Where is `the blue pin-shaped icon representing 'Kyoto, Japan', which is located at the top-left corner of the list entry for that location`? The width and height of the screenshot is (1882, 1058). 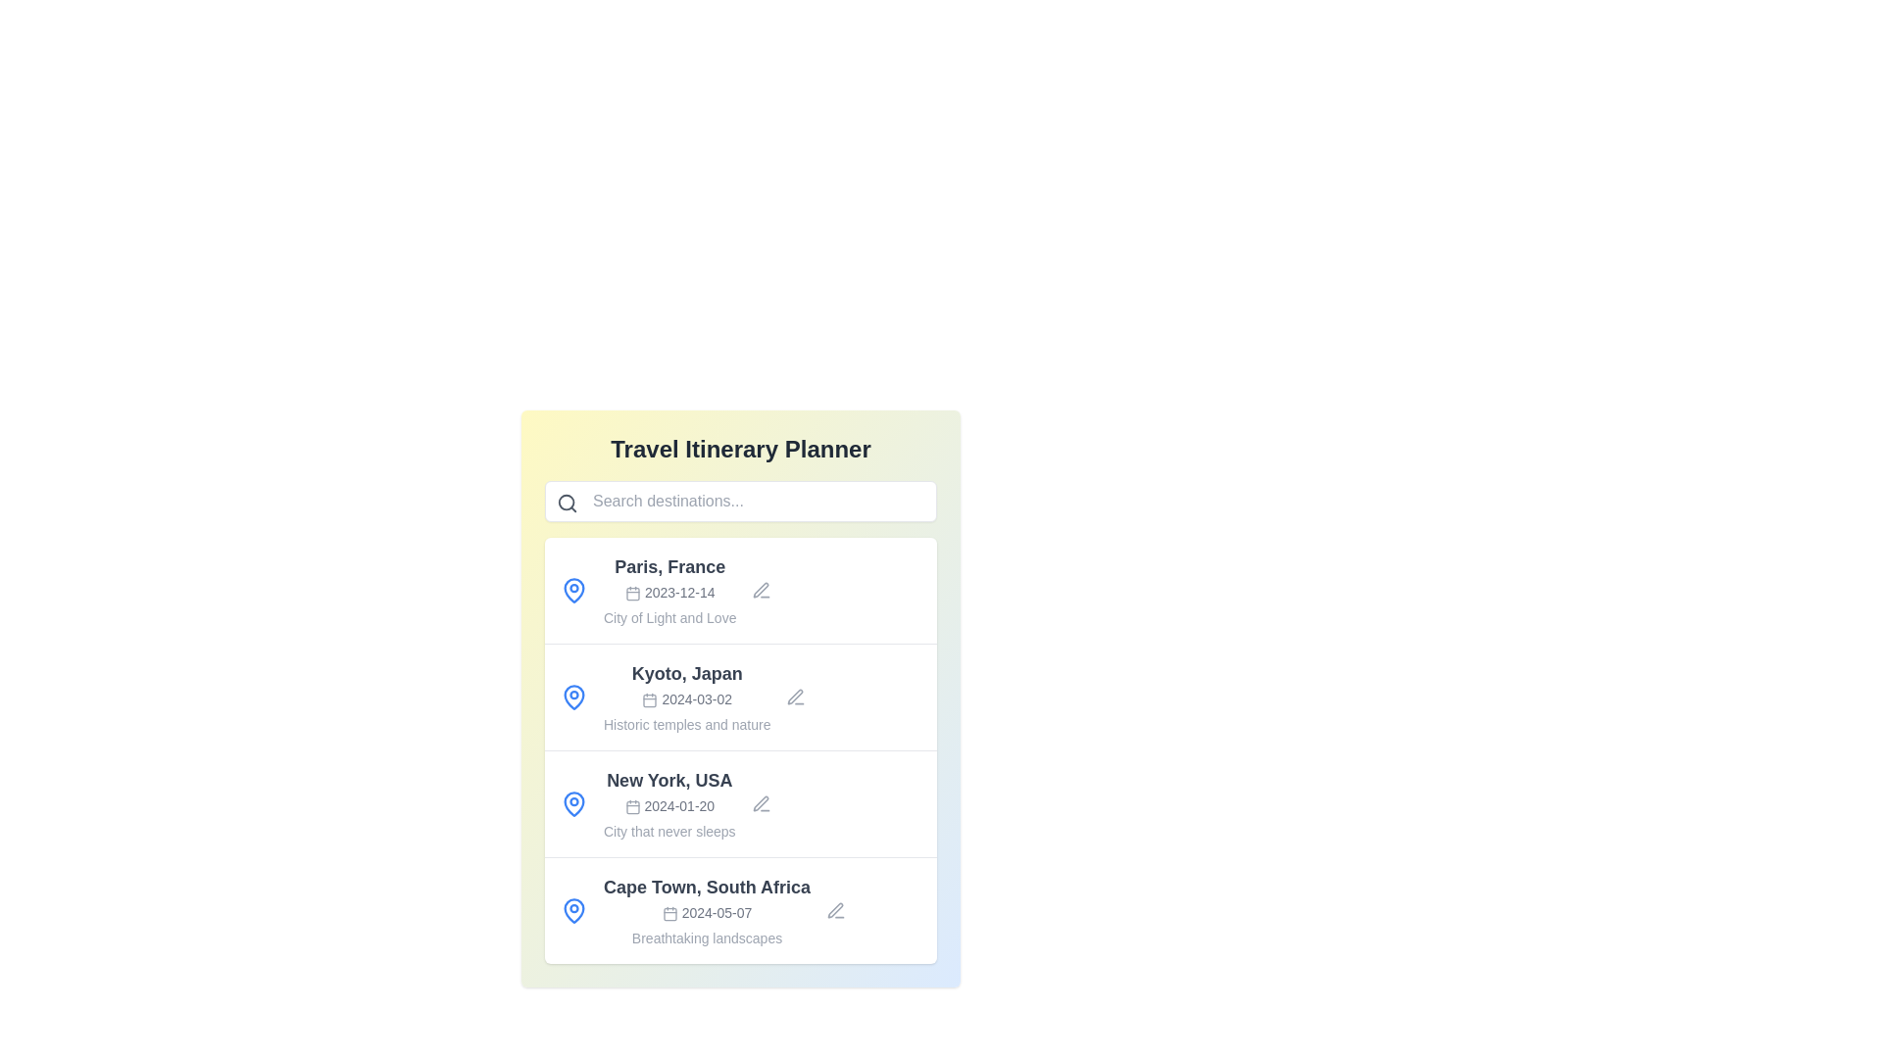
the blue pin-shaped icon representing 'Kyoto, Japan', which is located at the top-left corner of the list entry for that location is located at coordinates (572, 697).